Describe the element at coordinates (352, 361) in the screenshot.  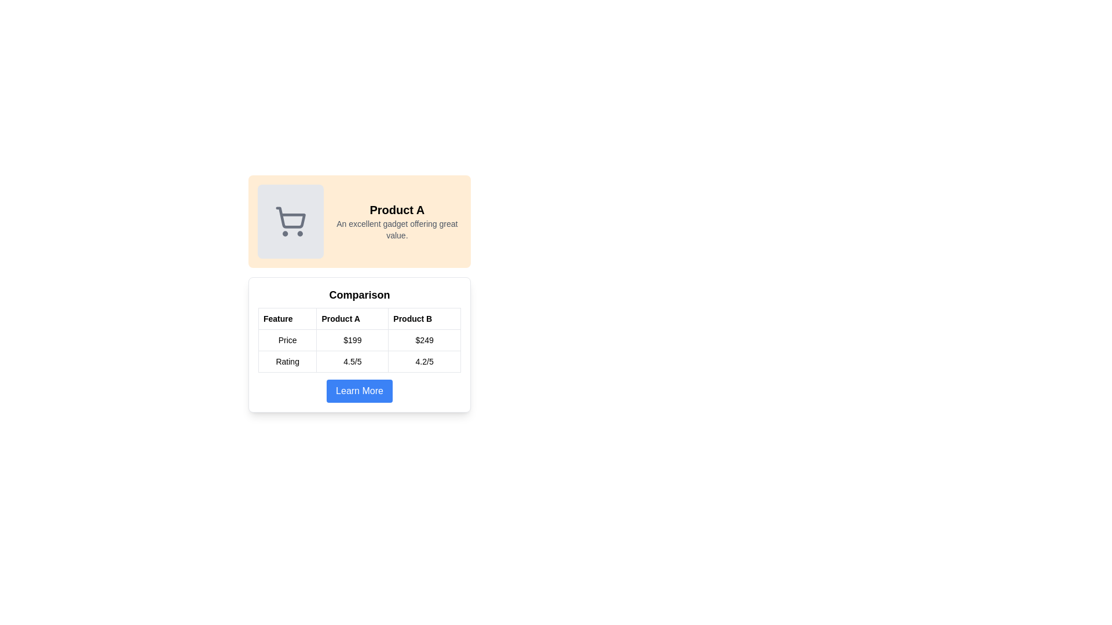
I see `the numerical rating label displaying '4.5/5' in the comparison table under the 'Product A' column` at that location.